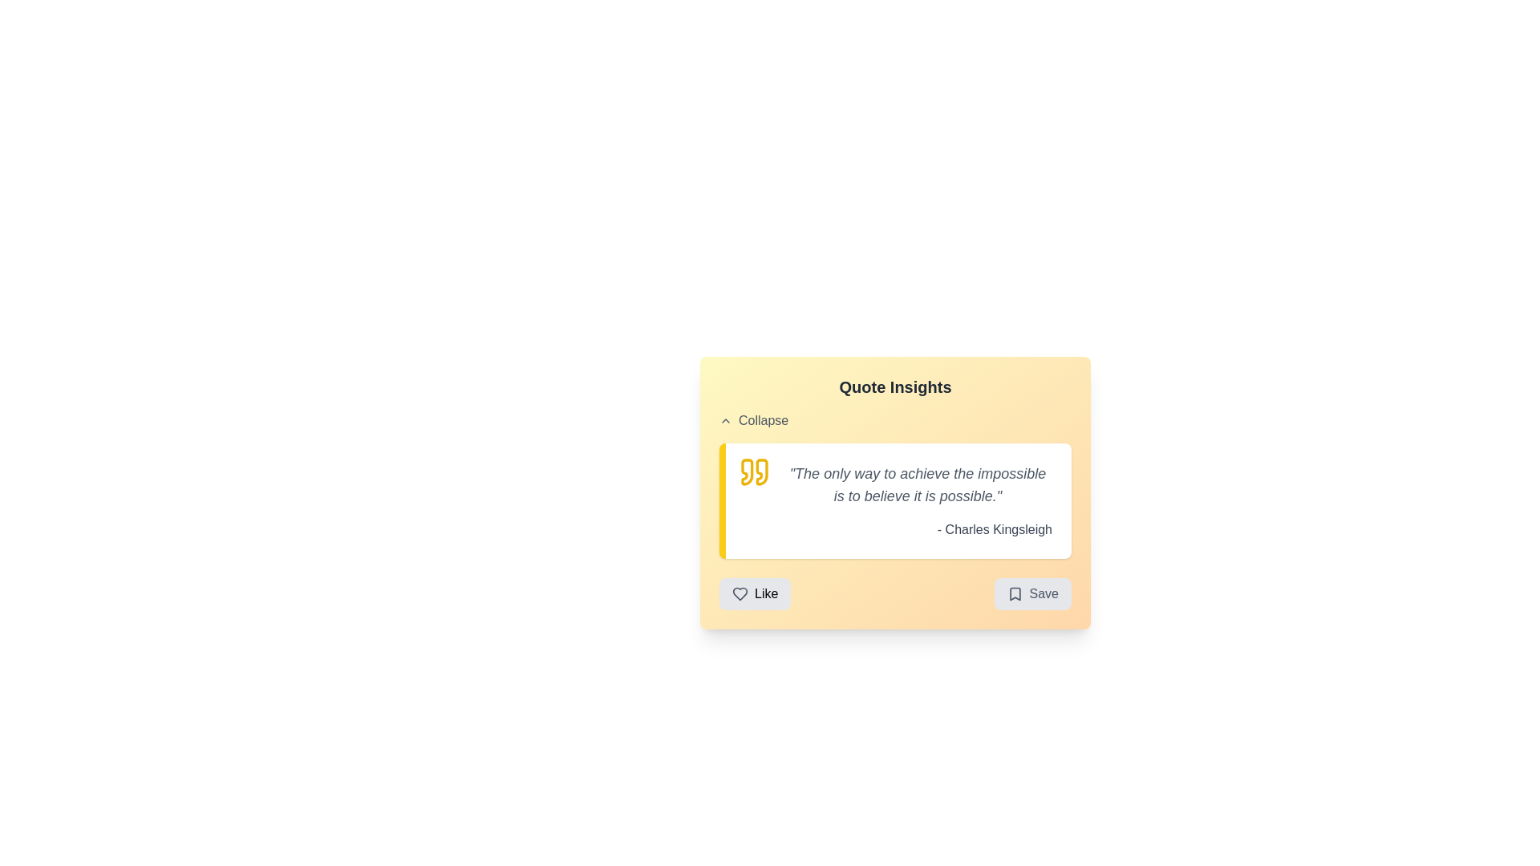  I want to click on the heart-shaped icon inside the 'Like' button, so click(739, 593).